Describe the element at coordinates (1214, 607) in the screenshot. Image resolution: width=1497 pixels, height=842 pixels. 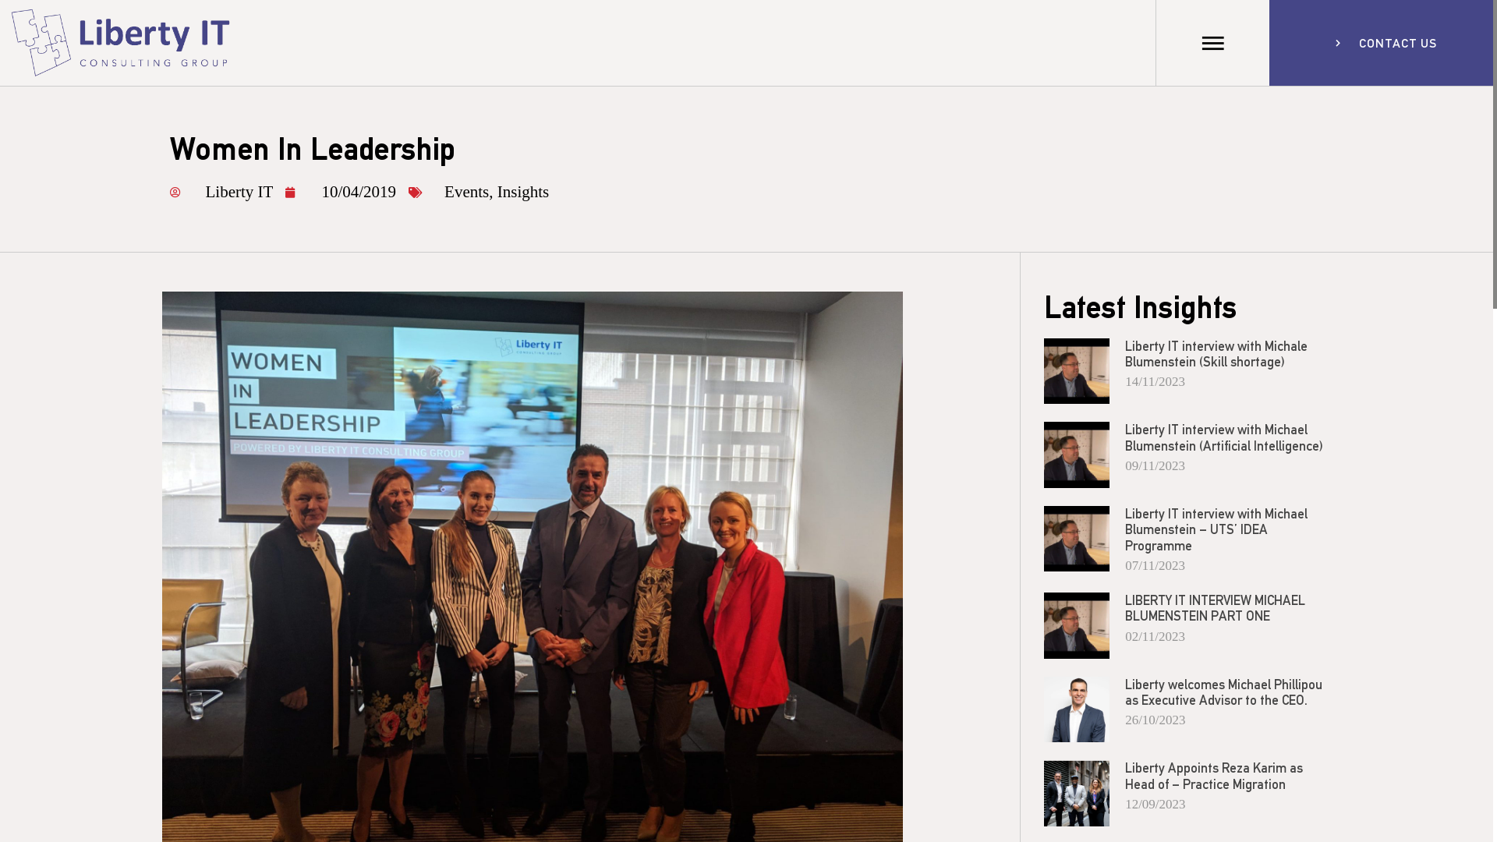
I see `'LIBERTY IT INTERVIEW MICHAEL BLUMENSTEIN PART ONE'` at that location.